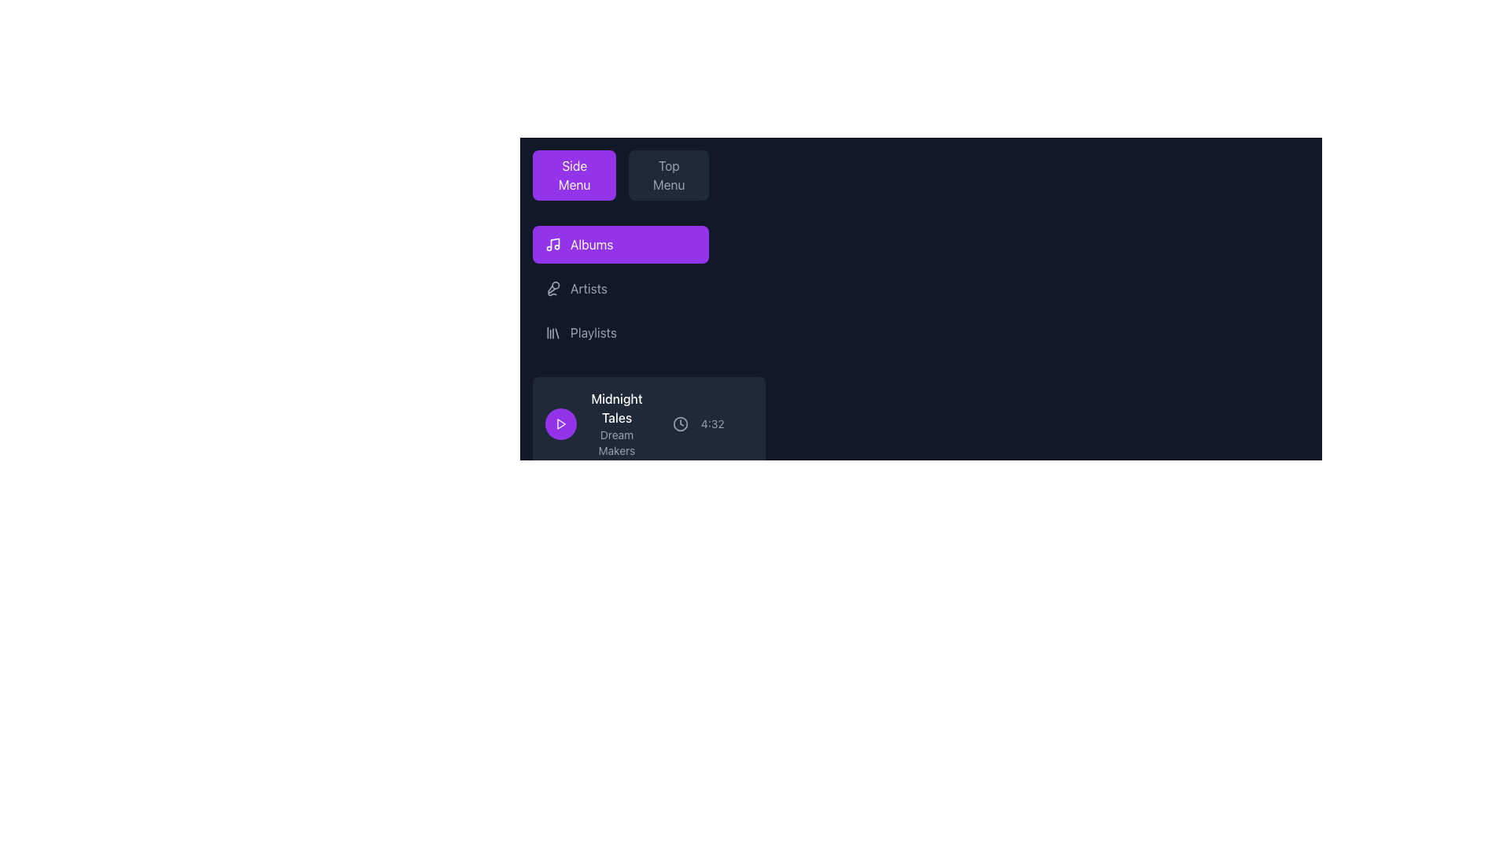 This screenshot has width=1511, height=850. Describe the element at coordinates (615, 443) in the screenshot. I see `information displayed in the static text label that shows 'Dream Makers', which is styled in a small gray font and positioned below 'Midnight Tales'` at that location.